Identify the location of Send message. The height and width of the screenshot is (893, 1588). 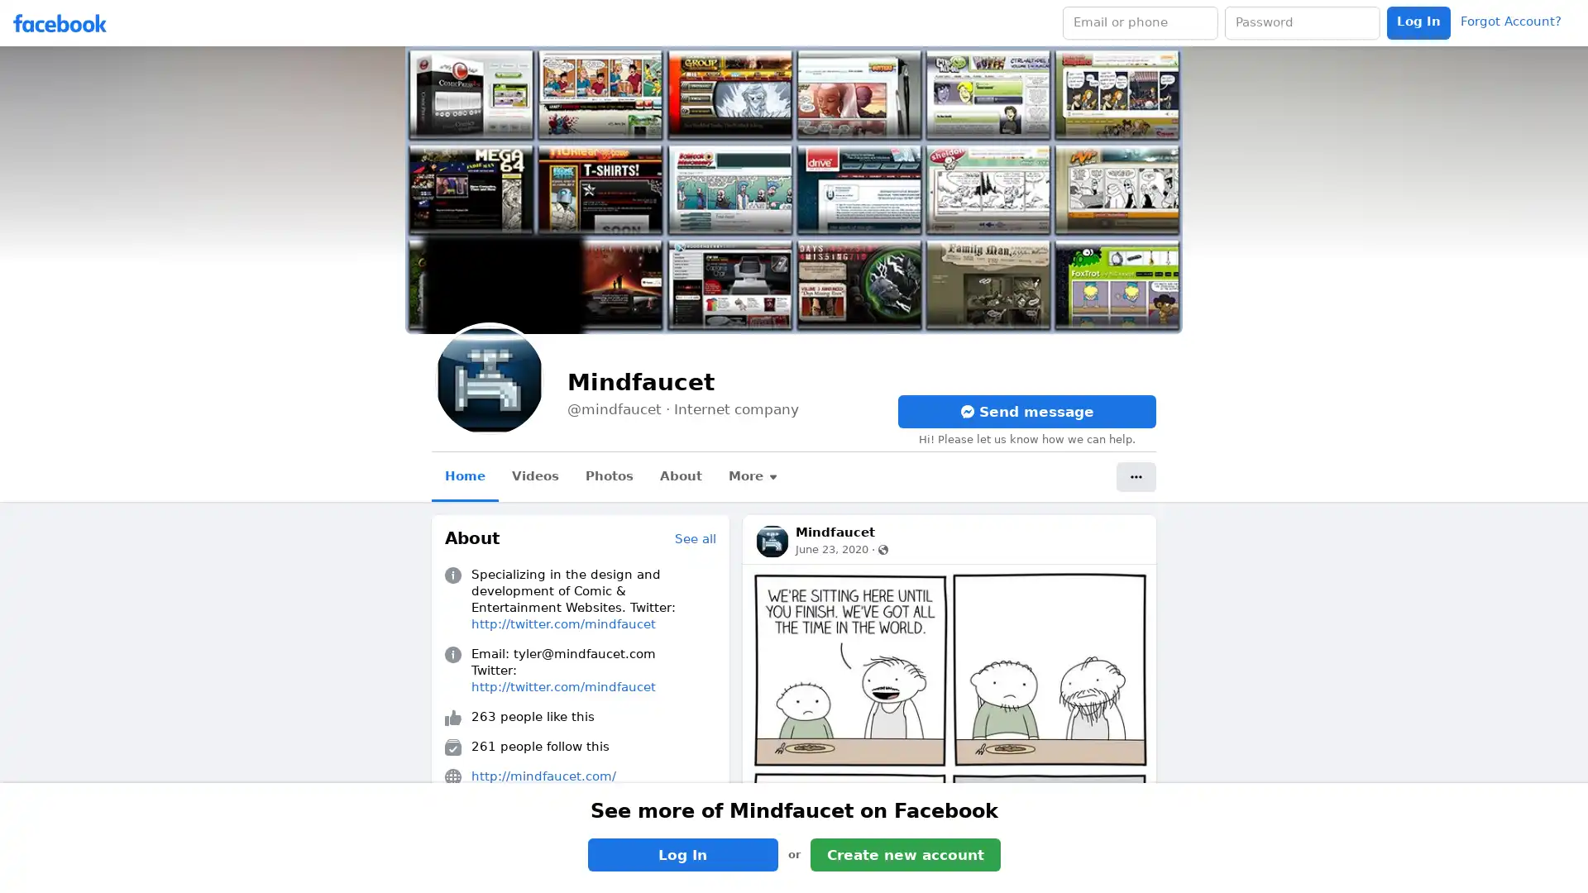
(1026, 410).